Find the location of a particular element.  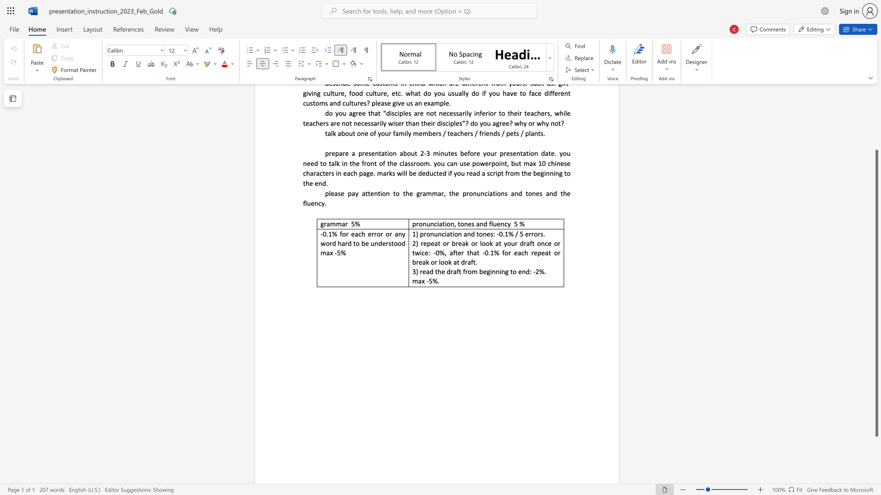

the scrollbar on the side is located at coordinates (876, 96).